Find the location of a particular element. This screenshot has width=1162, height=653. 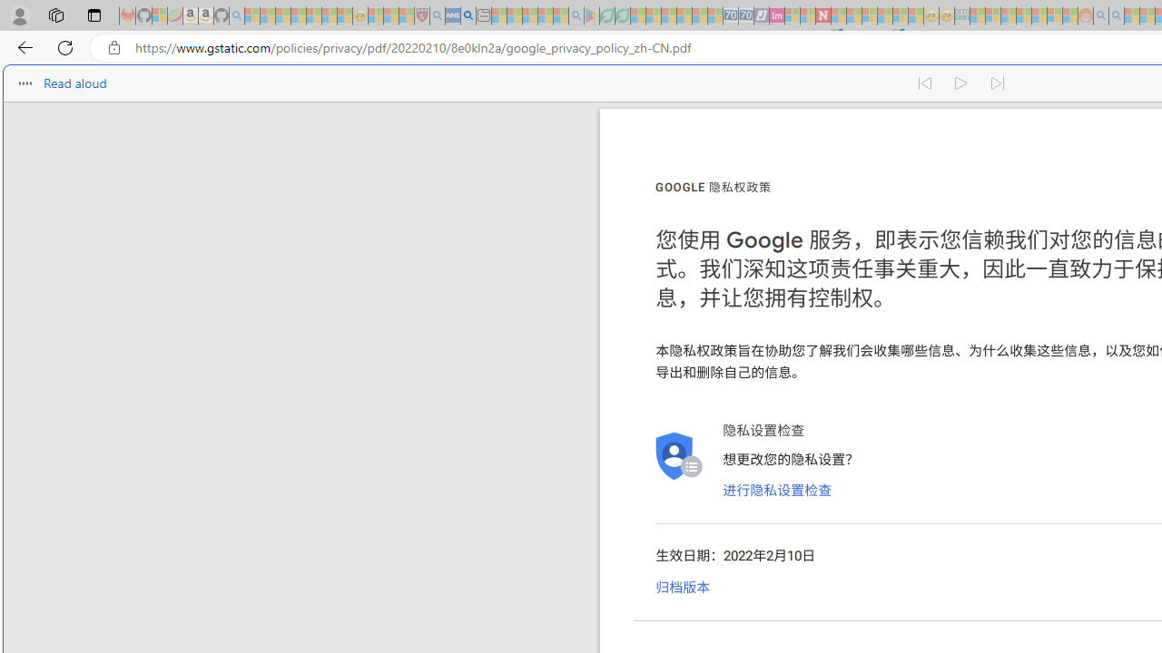

'Read previous paragraph' is located at coordinates (924, 83).